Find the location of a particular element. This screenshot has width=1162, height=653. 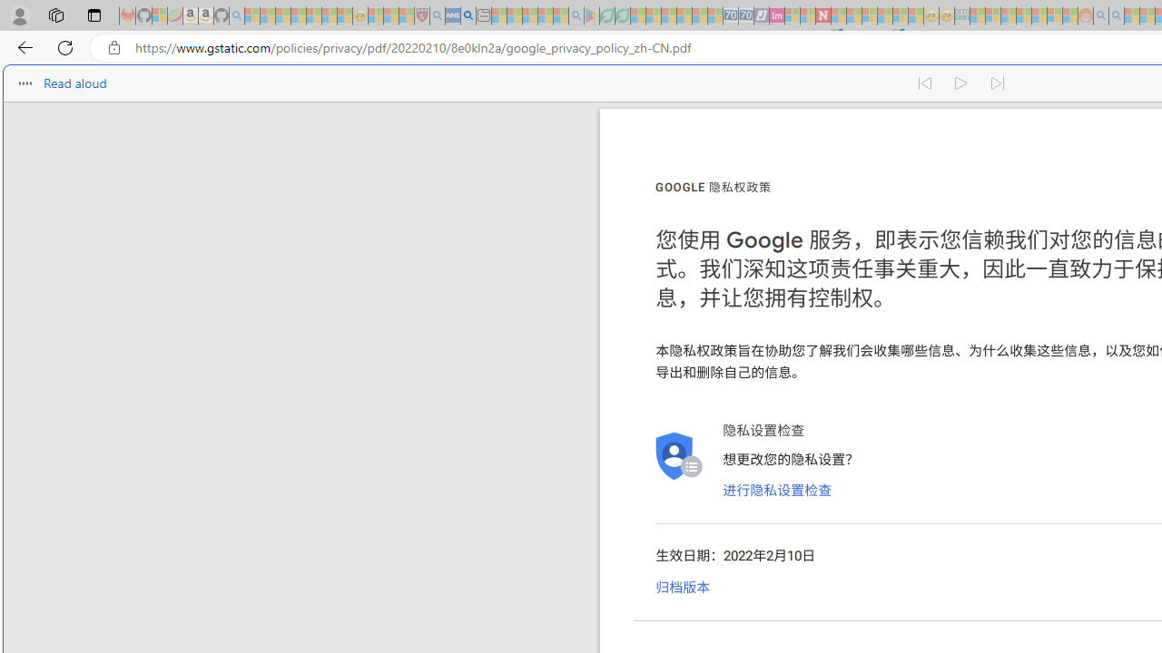

'Read previous paragraph' is located at coordinates (924, 83).